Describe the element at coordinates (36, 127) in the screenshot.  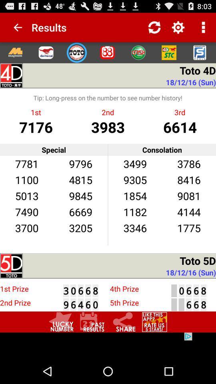
I see `the icon below the 1st item` at that location.